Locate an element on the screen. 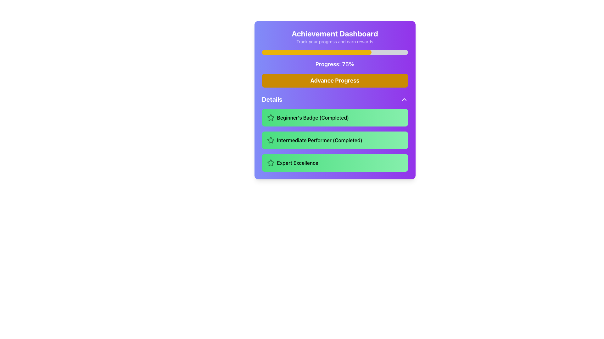 The height and width of the screenshot is (339, 604). the icon representing the 'Intermediate Performer (Completed)' achievement located in the second row of the Achievement Dashboard, before the text 'Intermediate Performer (Completed)' is located at coordinates (271, 117).